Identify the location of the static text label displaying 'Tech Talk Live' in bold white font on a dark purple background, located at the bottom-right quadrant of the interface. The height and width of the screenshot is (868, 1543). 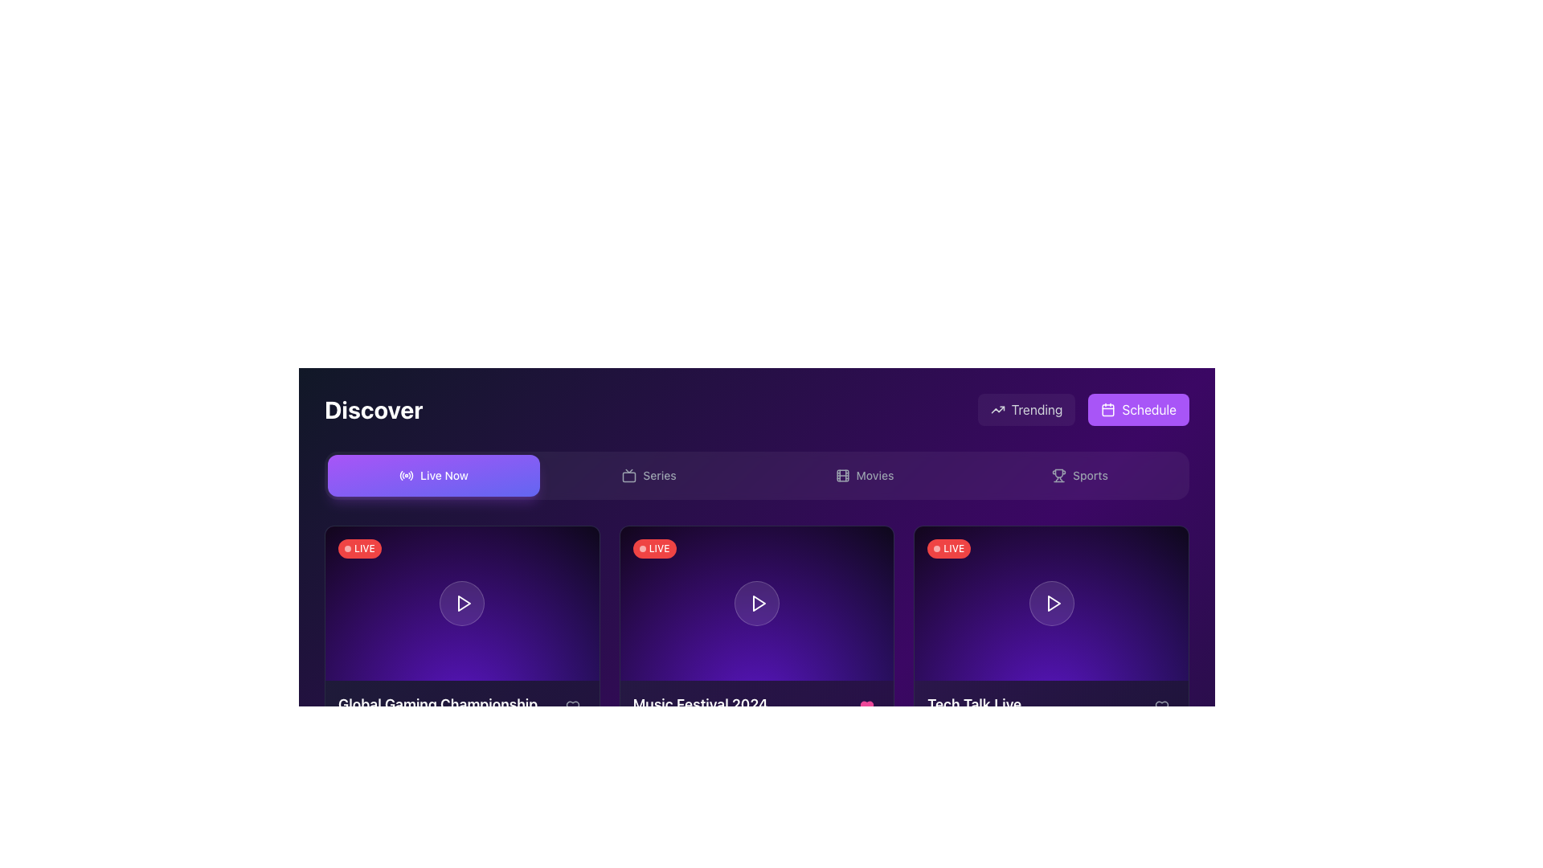
(973, 703).